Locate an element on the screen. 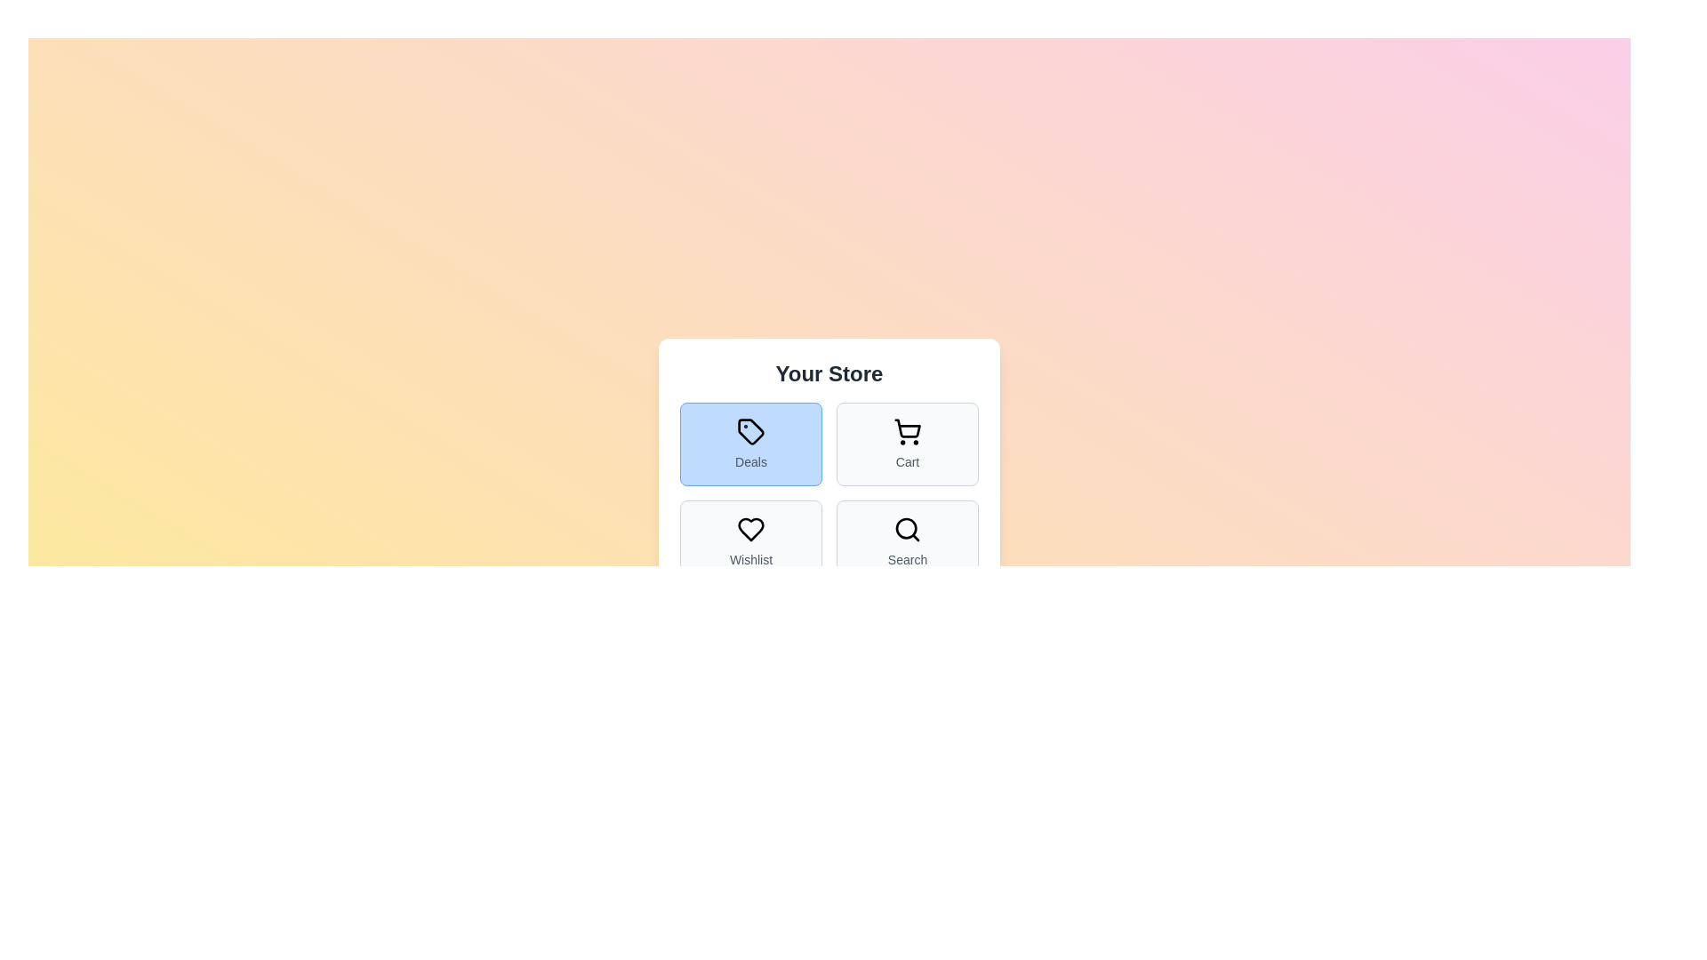 The height and width of the screenshot is (960, 1707). the tab corresponding to Deals to select it is located at coordinates (750, 444).